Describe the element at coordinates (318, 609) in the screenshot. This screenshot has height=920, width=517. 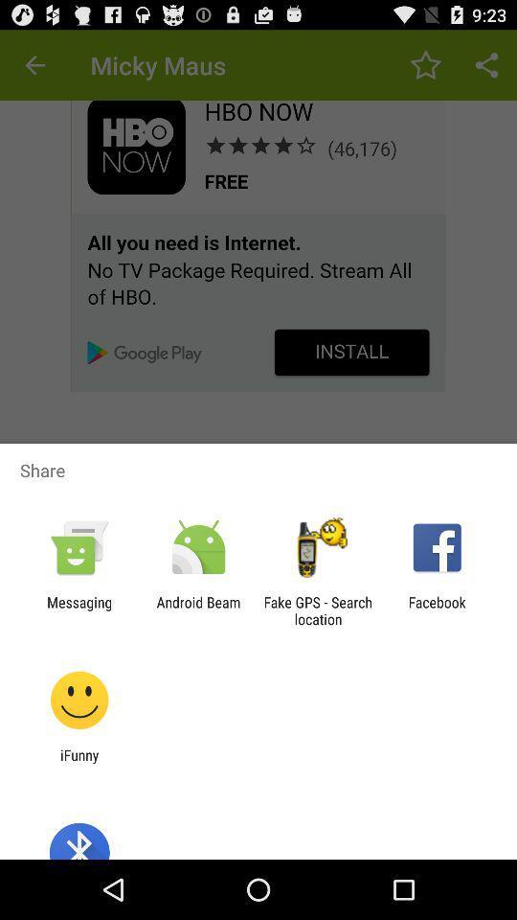
I see `icon next to the facebook icon` at that location.